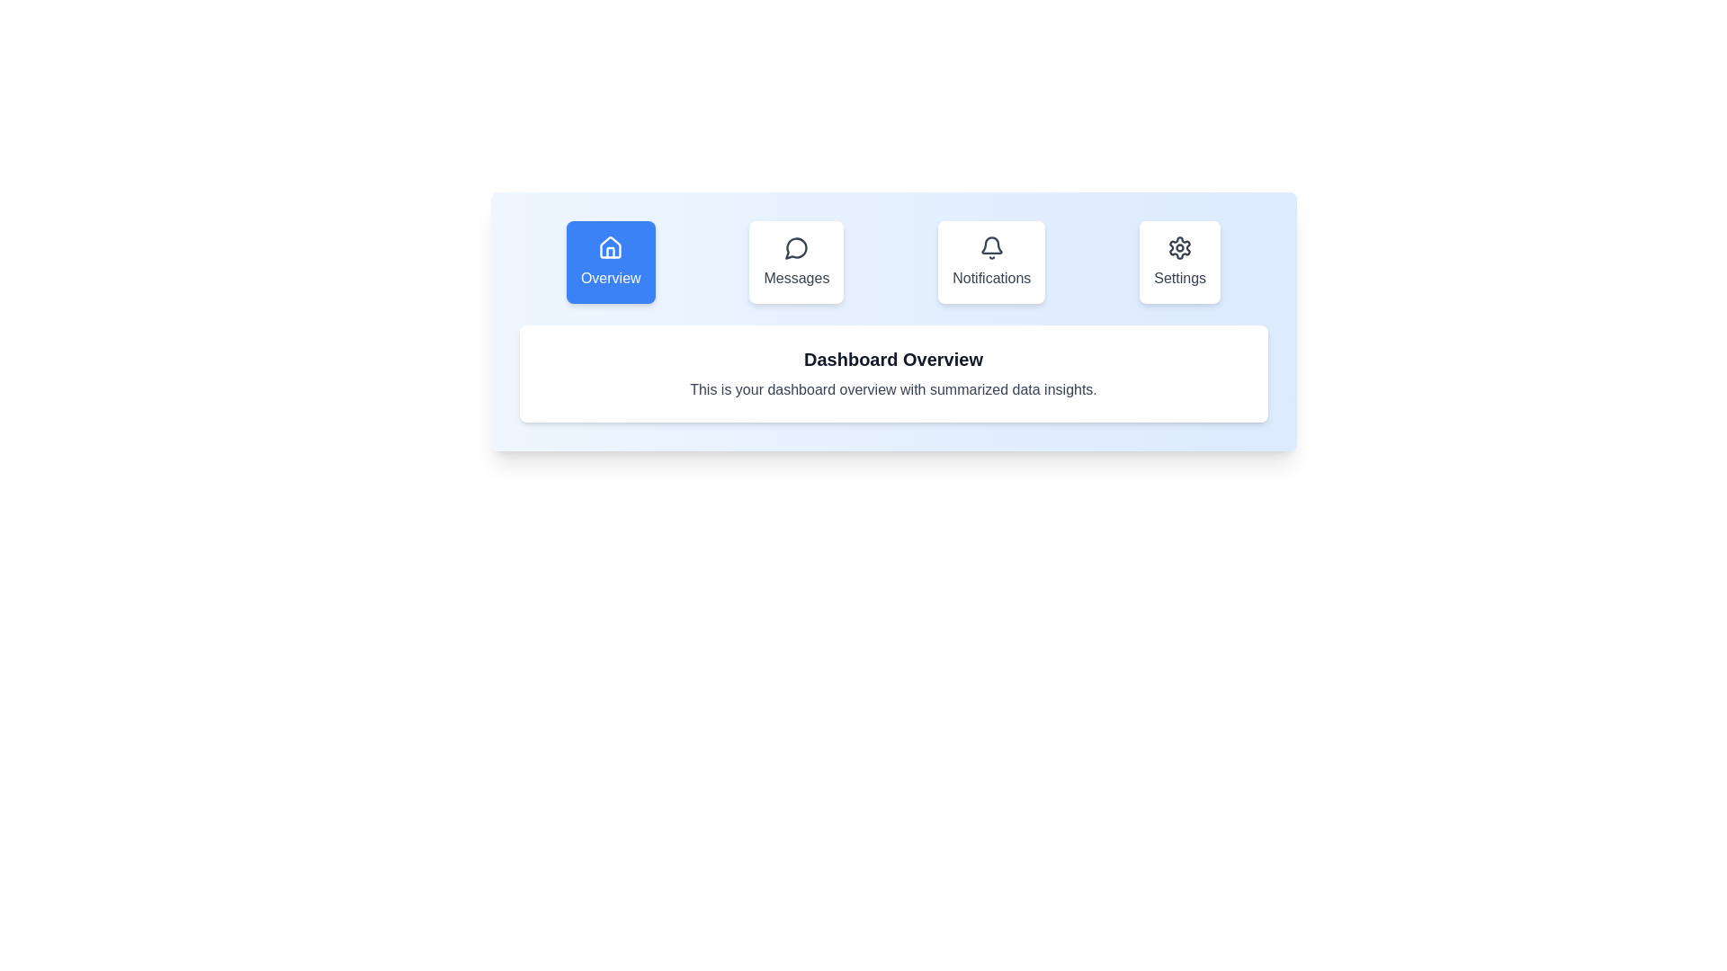 This screenshot has width=1727, height=971. What do you see at coordinates (795, 263) in the screenshot?
I see `the 'Messages' navigation button, which is the second button in a row of four` at bounding box center [795, 263].